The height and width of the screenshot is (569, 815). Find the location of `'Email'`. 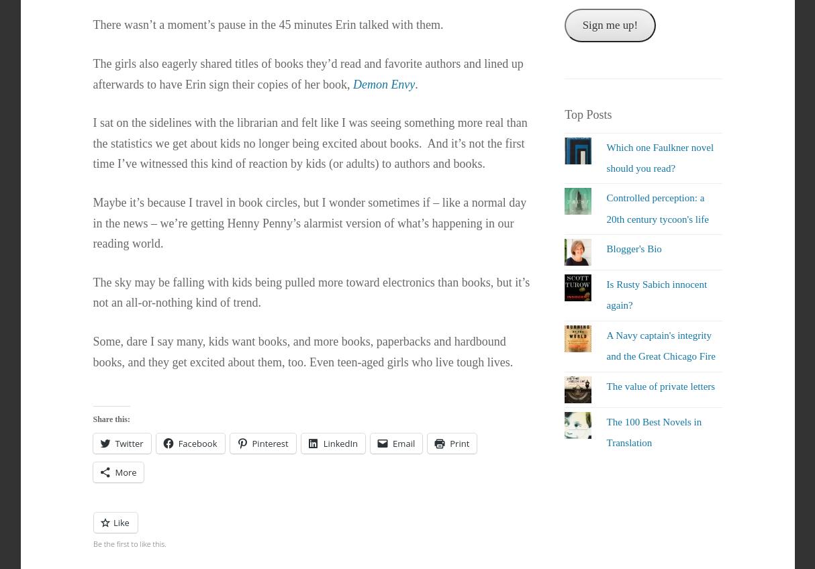

'Email' is located at coordinates (403, 442).